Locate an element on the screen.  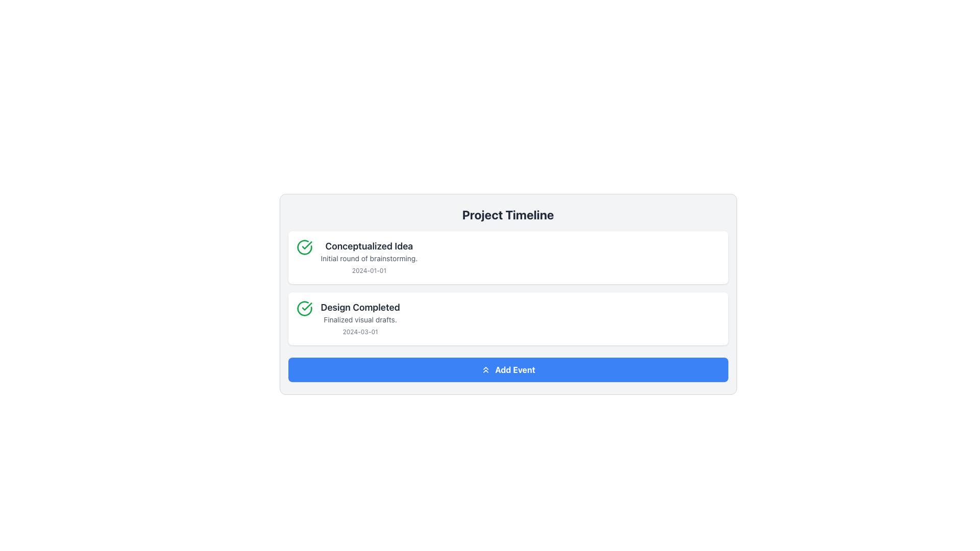
the Text Block containing the header 'Design Completed', the subtitle 'Finalized visual drafts.', and the date '2024-03-01', located below 'Conceptualized Idea' in the Project Timeline is located at coordinates (360, 318).